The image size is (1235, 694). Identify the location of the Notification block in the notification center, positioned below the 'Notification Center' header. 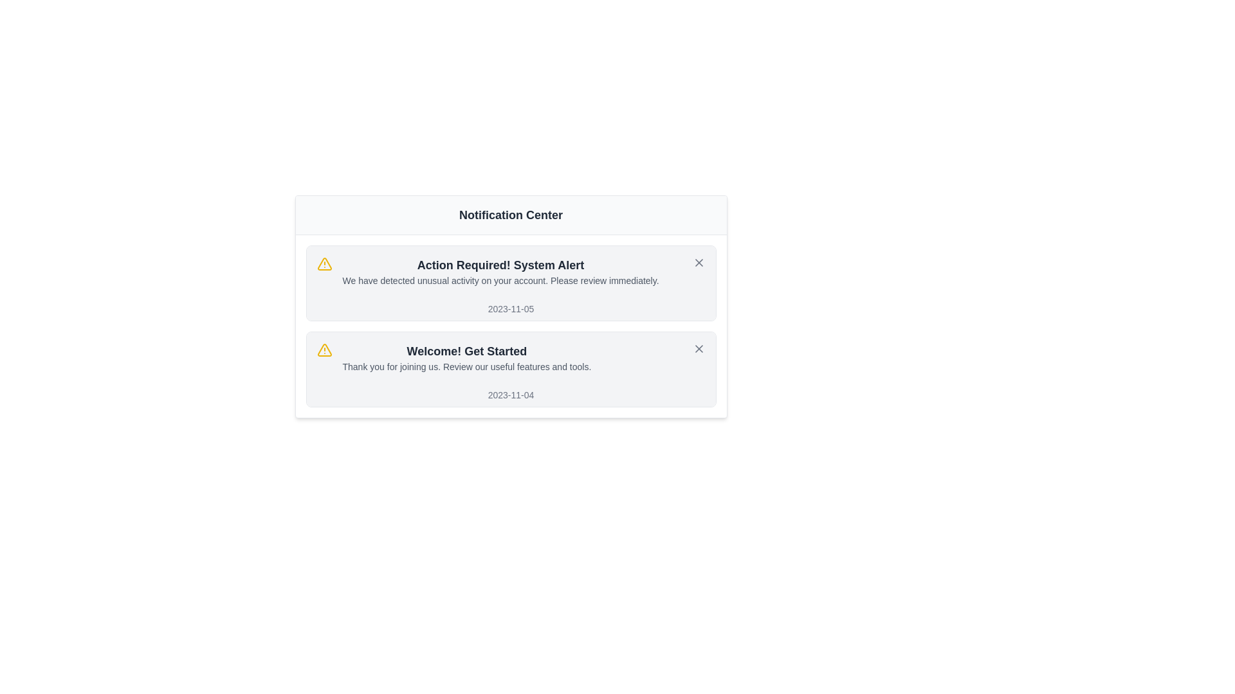
(500, 271).